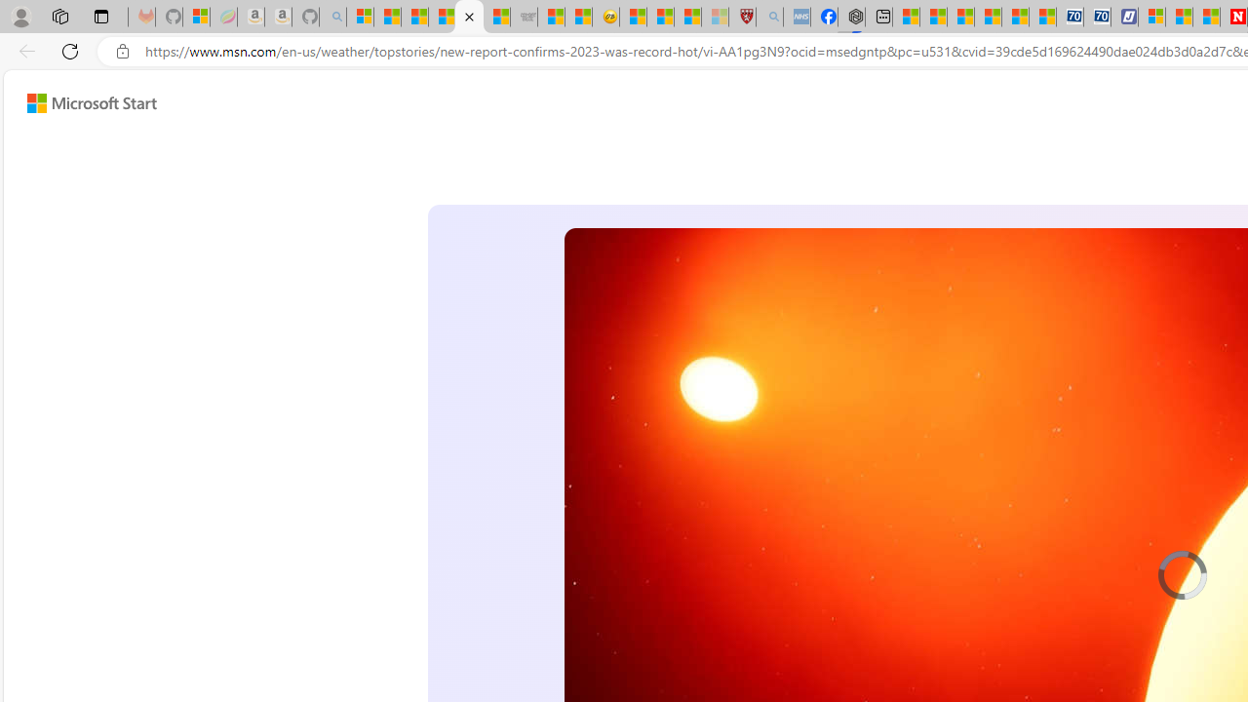 This screenshot has height=702, width=1248. What do you see at coordinates (1097, 17) in the screenshot?
I see `'Cheap Hotels - Save70.com'` at bounding box center [1097, 17].